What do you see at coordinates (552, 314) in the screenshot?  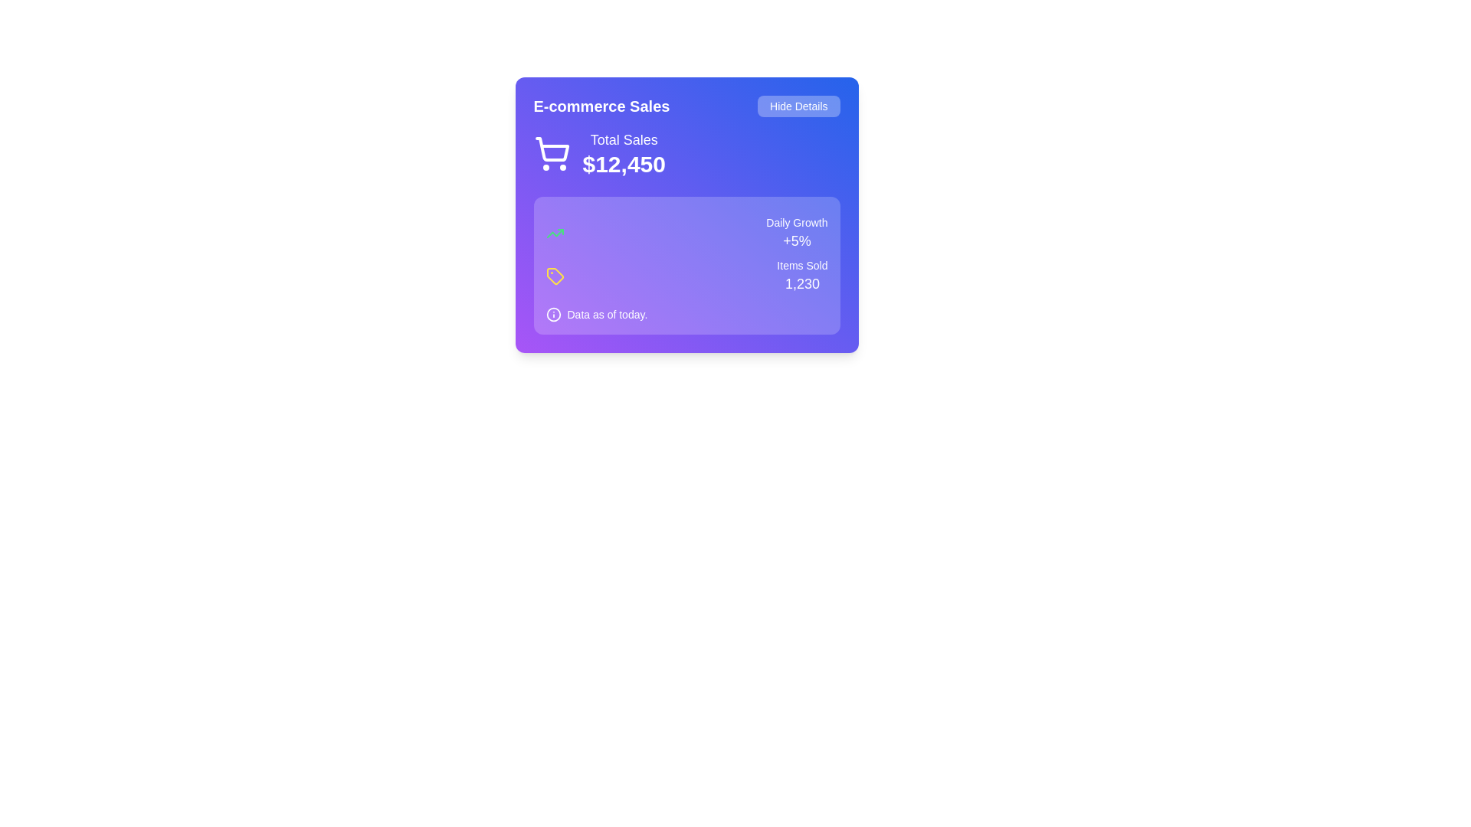 I see `the information icon, which is a circular icon with an outlined stroke containing an 'i' symbol, located to the left of the text 'Data as of today.' in the lower section of a light purple background panel` at bounding box center [552, 314].